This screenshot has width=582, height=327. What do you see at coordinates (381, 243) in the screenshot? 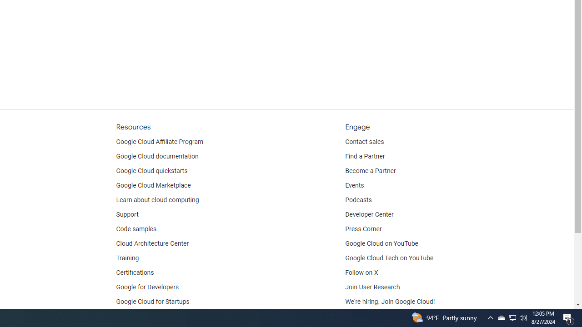
I see `'Google Cloud on YouTube'` at bounding box center [381, 243].